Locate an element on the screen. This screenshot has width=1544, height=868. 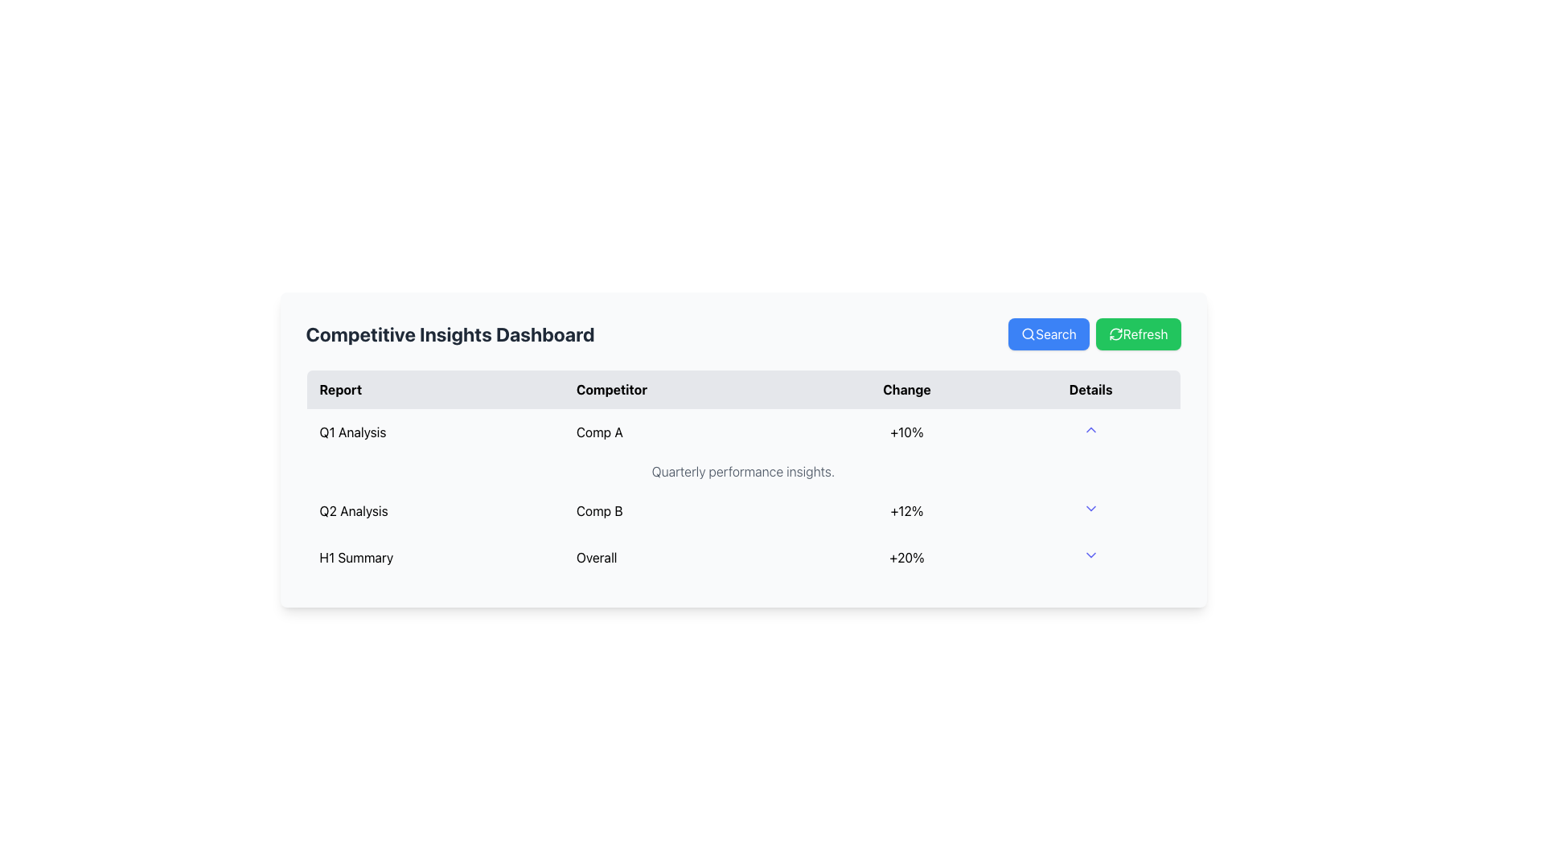
the search button icon located in the header section, which is a blue button labeled 'Search' is located at coordinates (1027, 334).